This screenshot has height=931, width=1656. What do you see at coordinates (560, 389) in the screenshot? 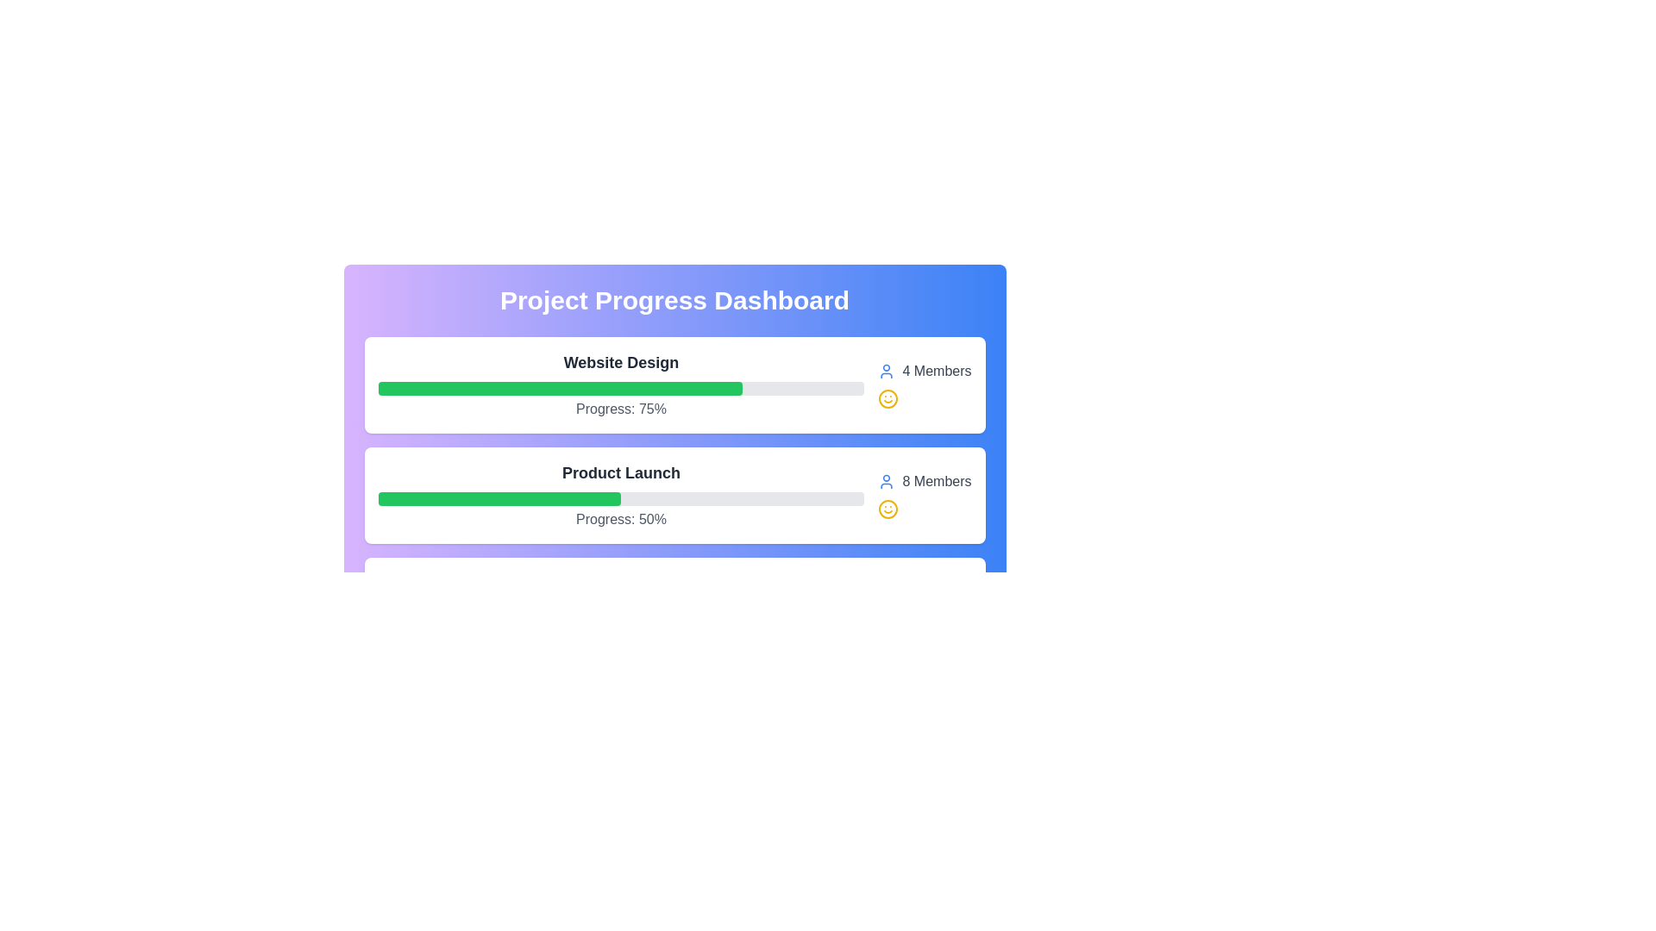
I see `the green filled portion of the progress bar indicating 75% progress in the 'Website Design' section` at bounding box center [560, 389].